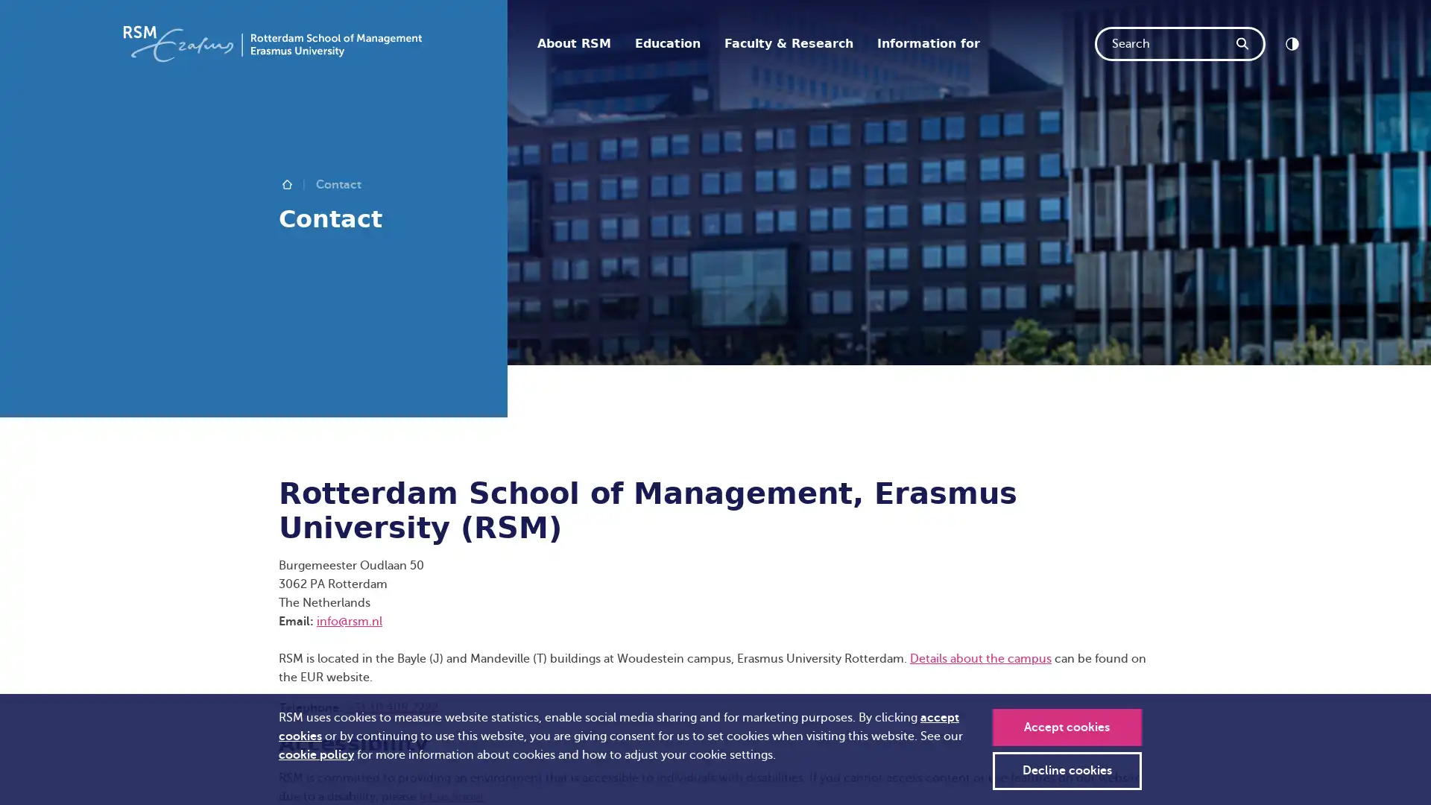 The image size is (1431, 805). What do you see at coordinates (1291, 42) in the screenshot?
I see `Click to set high contrast Contrast off` at bounding box center [1291, 42].